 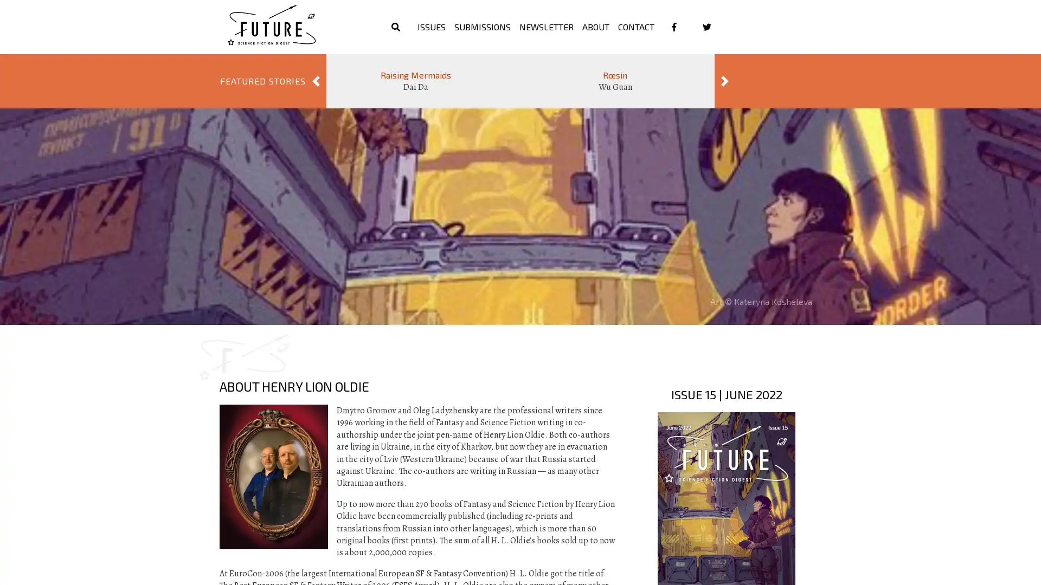 What do you see at coordinates (315, 81) in the screenshot?
I see `Previous` at bounding box center [315, 81].